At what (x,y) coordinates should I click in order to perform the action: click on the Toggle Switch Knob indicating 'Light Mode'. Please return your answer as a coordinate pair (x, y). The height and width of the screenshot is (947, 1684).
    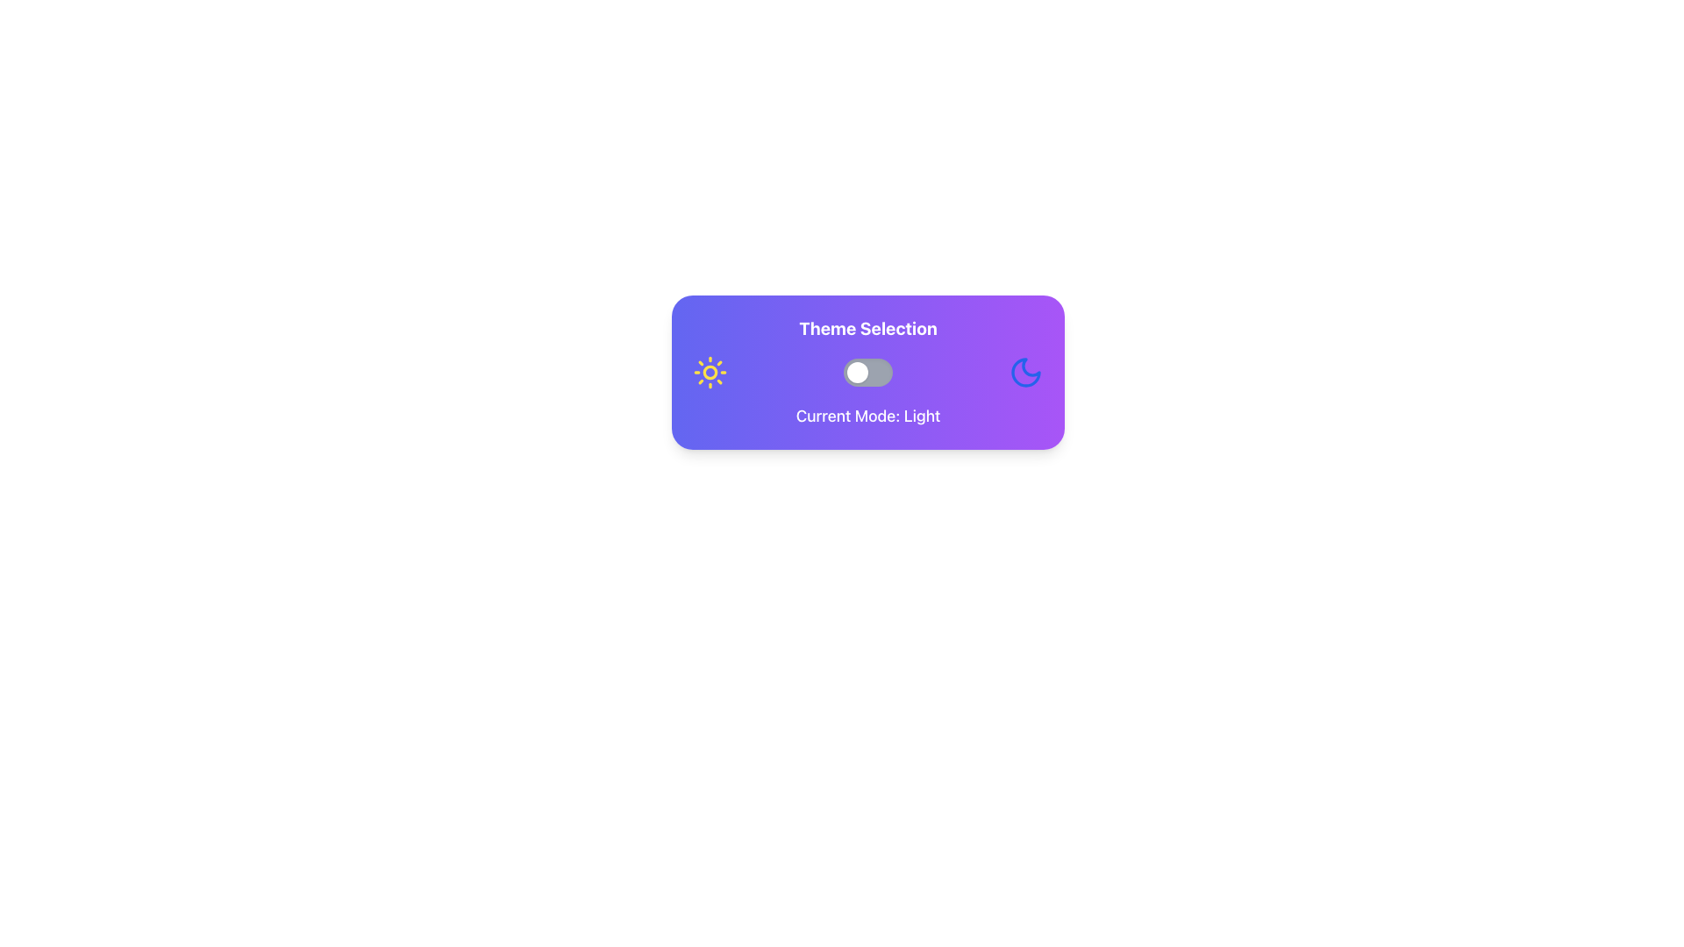
    Looking at the image, I should click on (858, 371).